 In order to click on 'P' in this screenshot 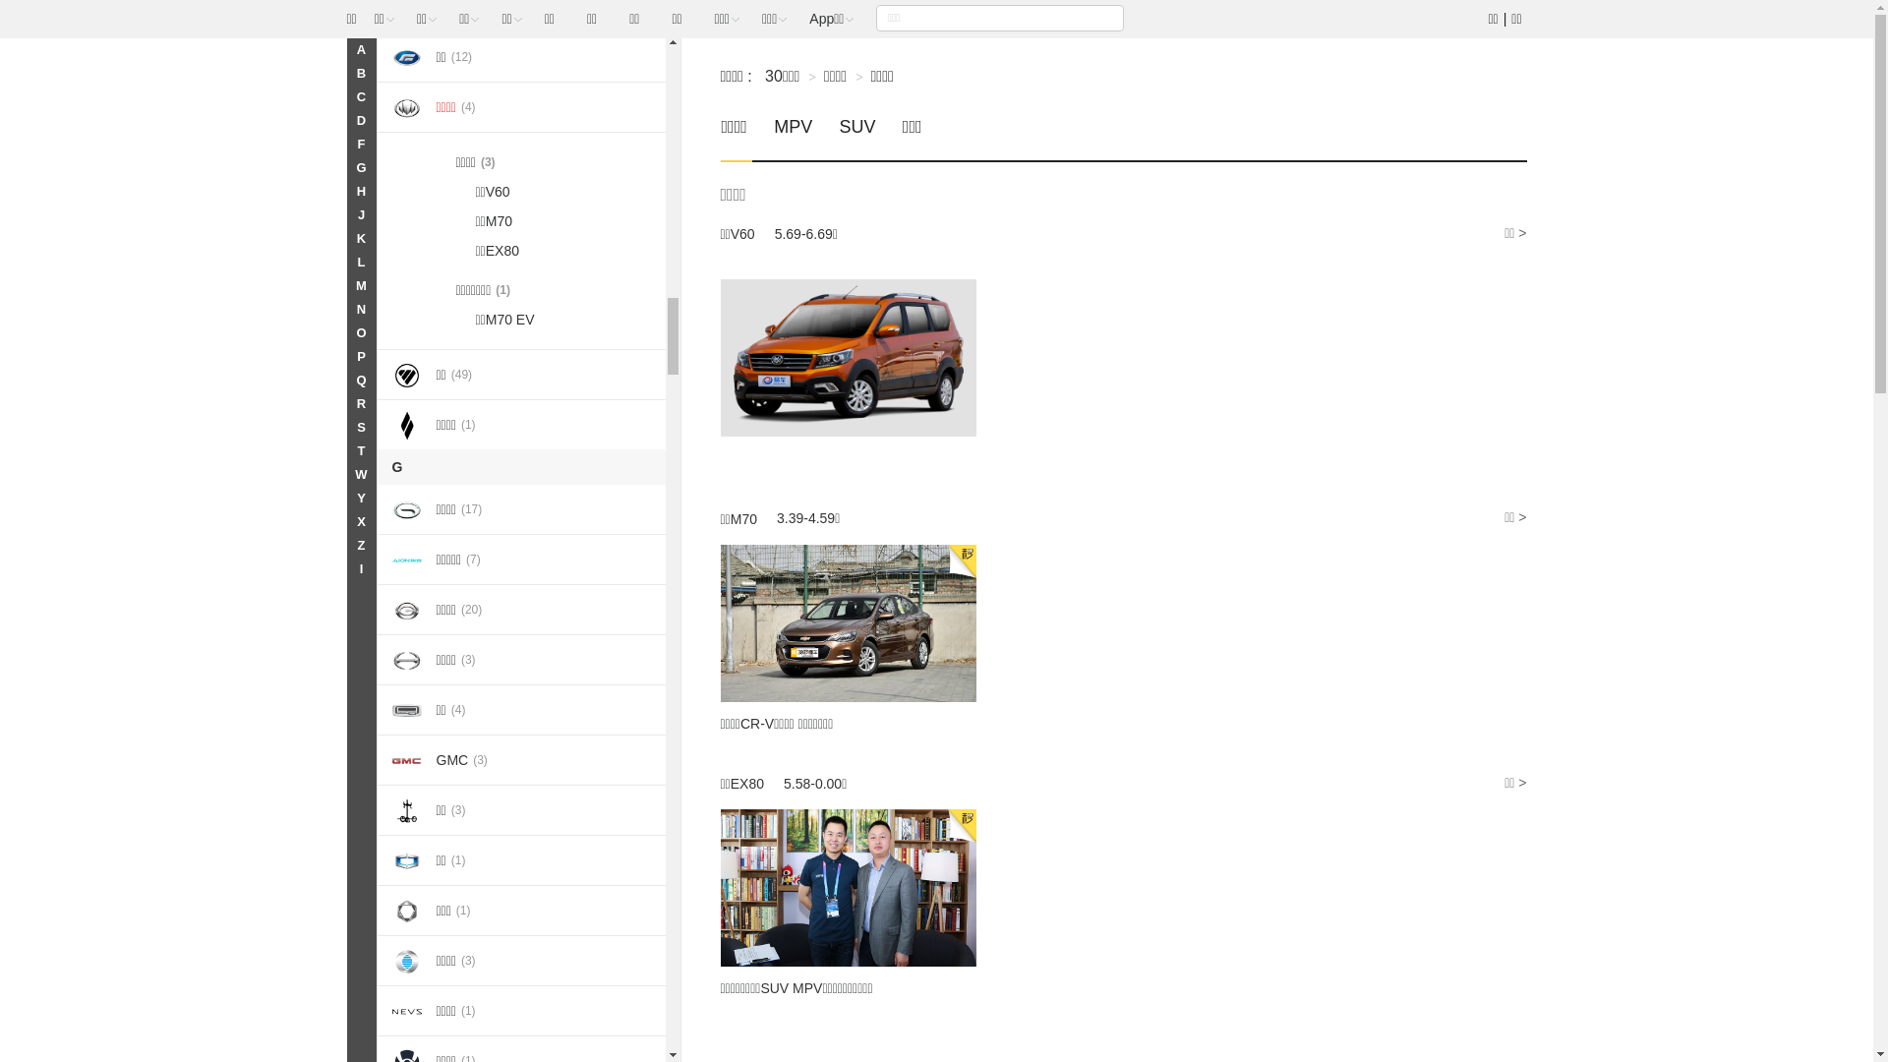, I will do `click(360, 356)`.